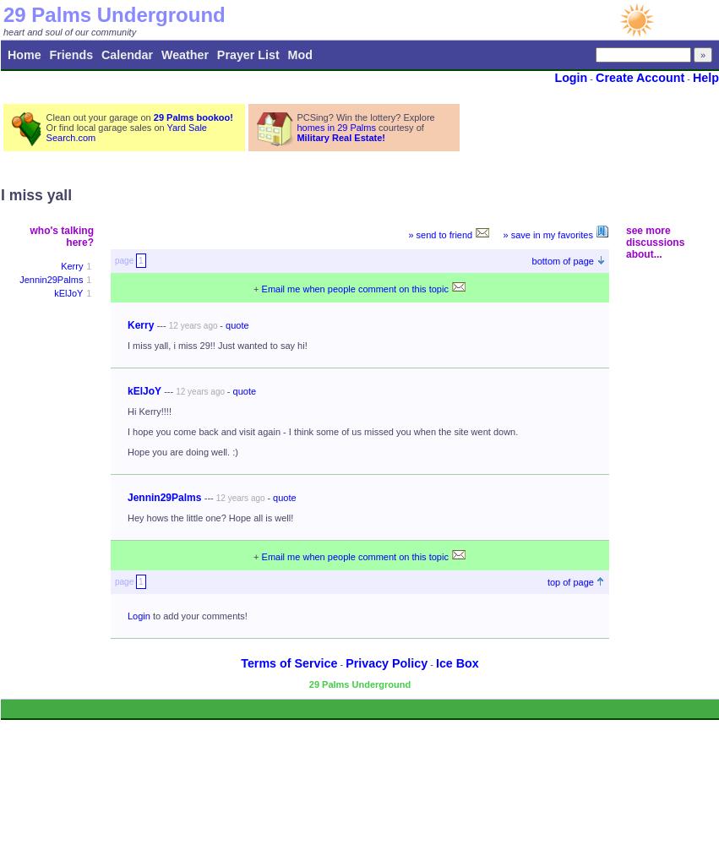 This screenshot has height=845, width=719. What do you see at coordinates (456, 663) in the screenshot?
I see `'Ice Box'` at bounding box center [456, 663].